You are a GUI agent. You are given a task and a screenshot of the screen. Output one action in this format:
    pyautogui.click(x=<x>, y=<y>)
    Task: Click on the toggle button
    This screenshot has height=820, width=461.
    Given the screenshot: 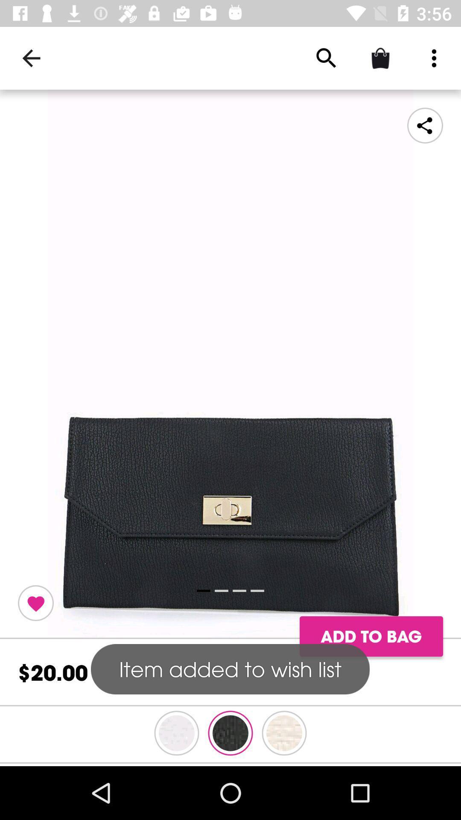 What is the action you would take?
    pyautogui.click(x=35, y=603)
    